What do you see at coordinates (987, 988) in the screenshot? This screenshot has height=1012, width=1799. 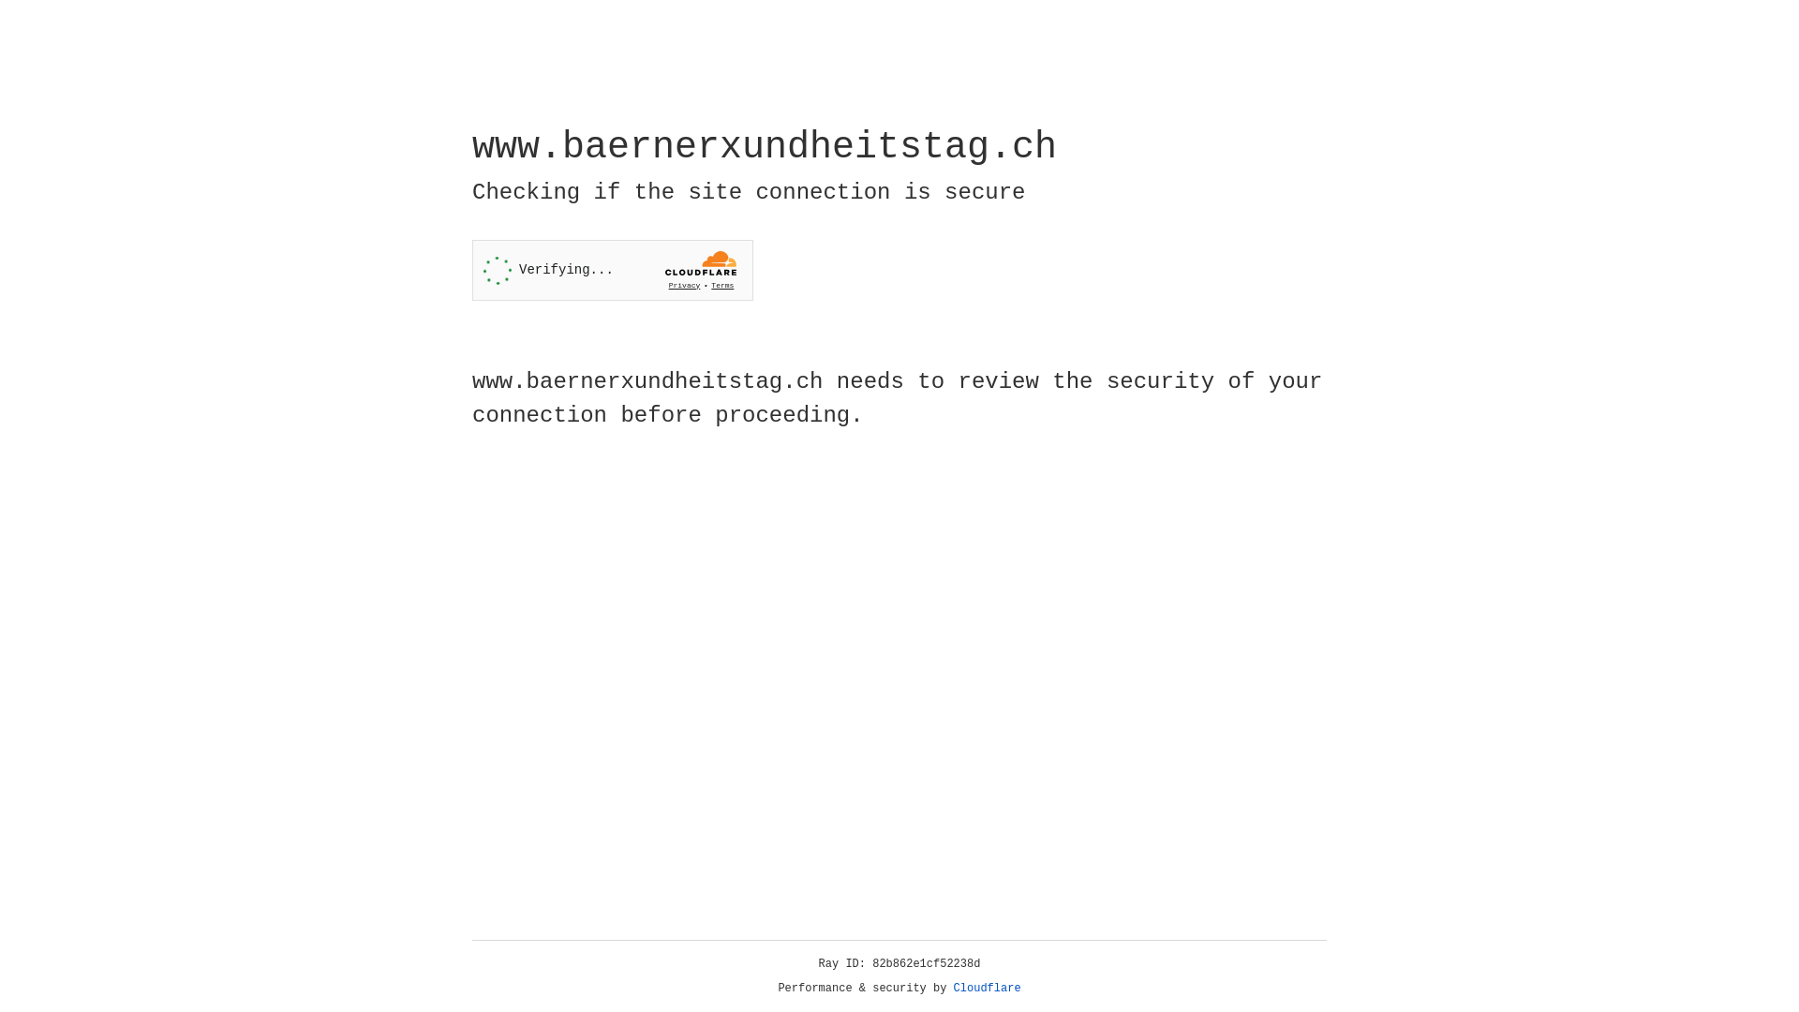 I see `'Cloudflare'` at bounding box center [987, 988].